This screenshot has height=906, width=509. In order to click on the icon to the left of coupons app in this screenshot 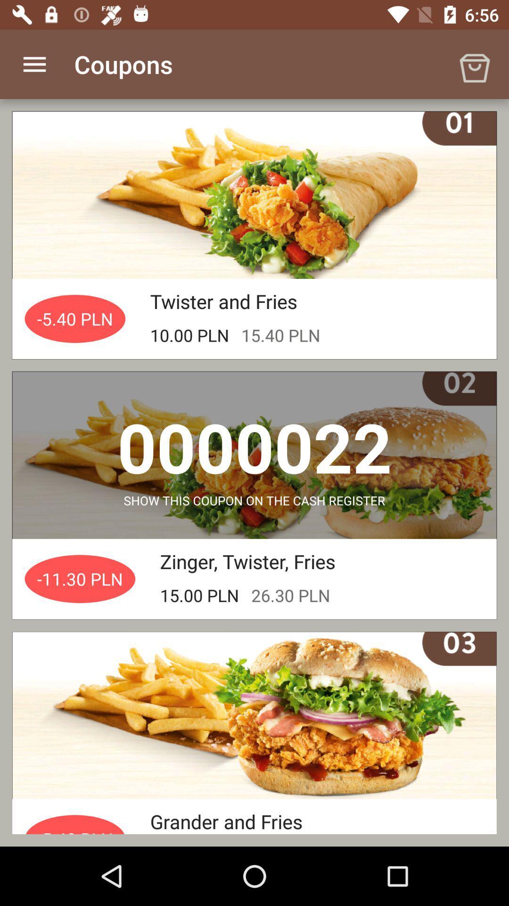, I will do `click(34, 64)`.